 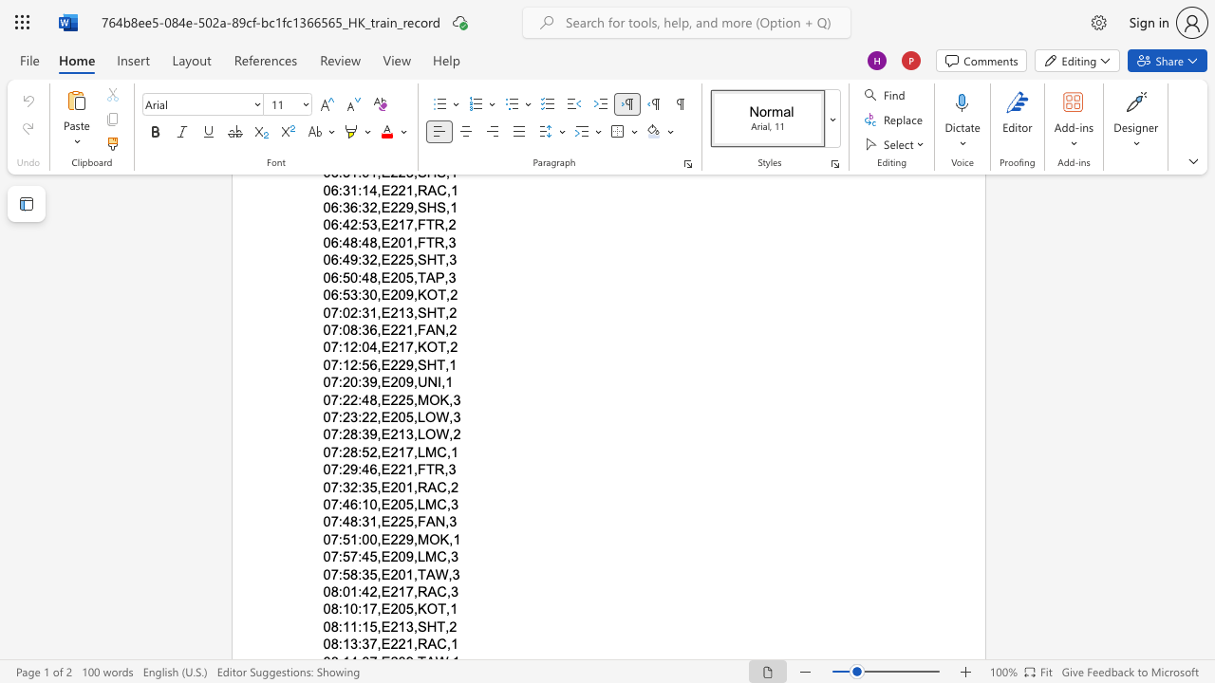 I want to click on the subset text "25," within the text "07:48:31,E225,FAN,3", so click(x=397, y=522).